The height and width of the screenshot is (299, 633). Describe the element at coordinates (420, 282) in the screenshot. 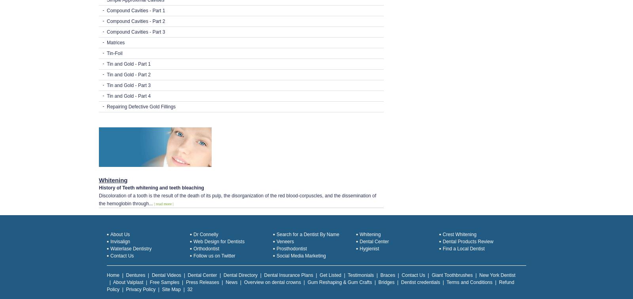

I see `'Dentist credentials'` at that location.